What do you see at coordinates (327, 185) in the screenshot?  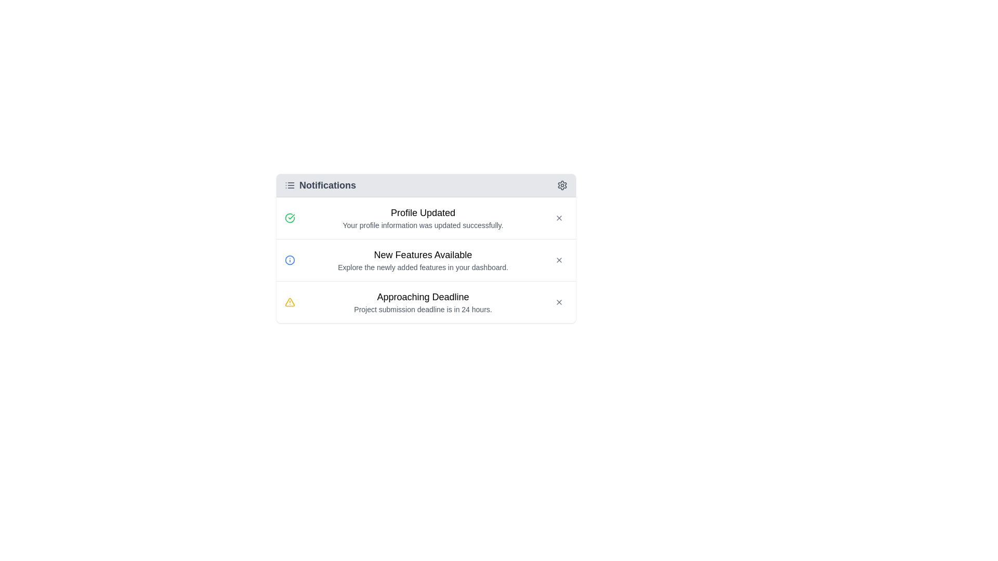 I see `the static text header for the notifications section, located near the top-left corner of the panel next to a small list icon` at bounding box center [327, 185].